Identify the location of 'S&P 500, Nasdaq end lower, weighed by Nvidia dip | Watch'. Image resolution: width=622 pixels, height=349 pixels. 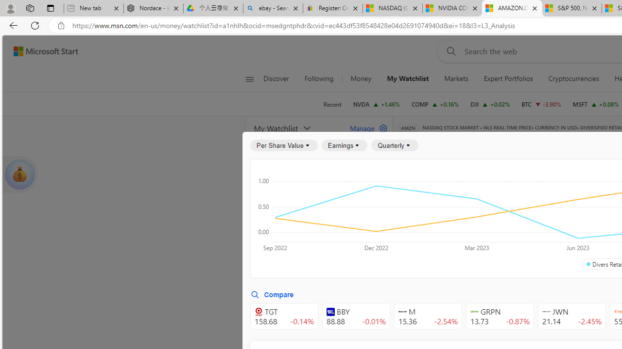
(571, 8).